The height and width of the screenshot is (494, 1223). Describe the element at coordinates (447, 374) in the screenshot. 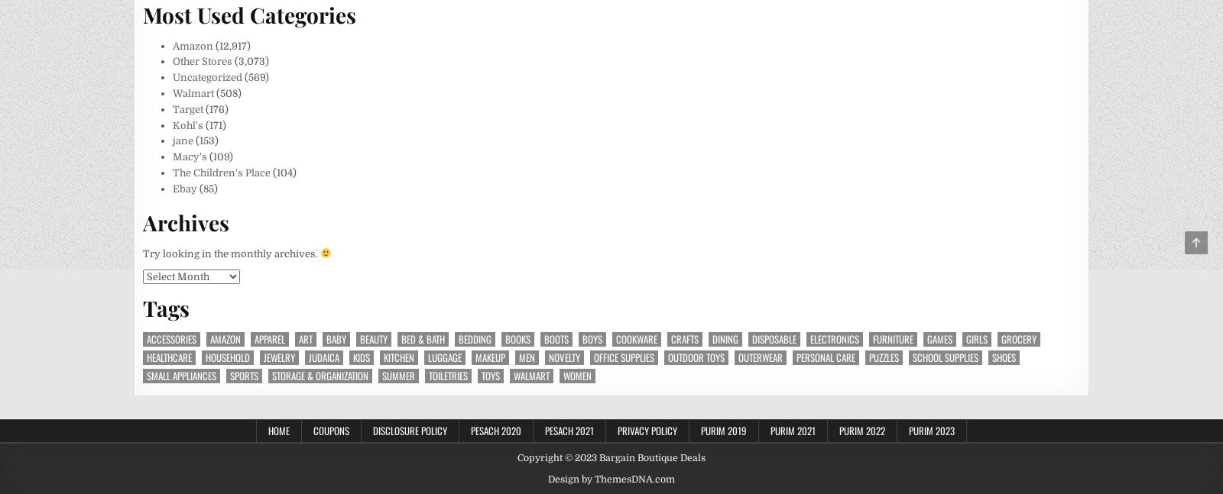

I see `'Toiletries'` at that location.